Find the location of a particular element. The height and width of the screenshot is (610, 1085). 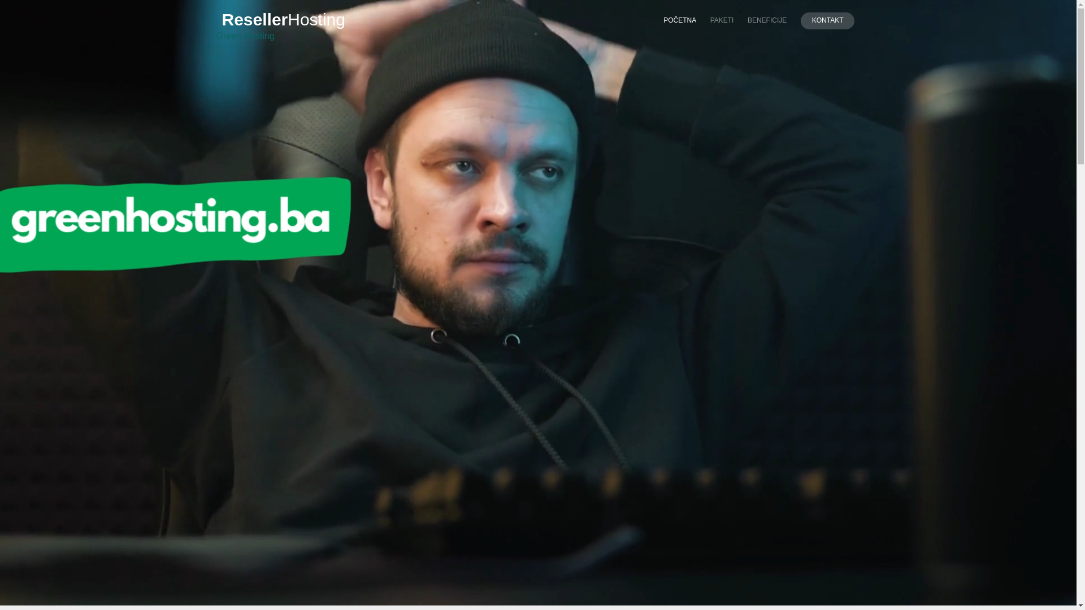

'Green Hosting' is located at coordinates (244, 35).